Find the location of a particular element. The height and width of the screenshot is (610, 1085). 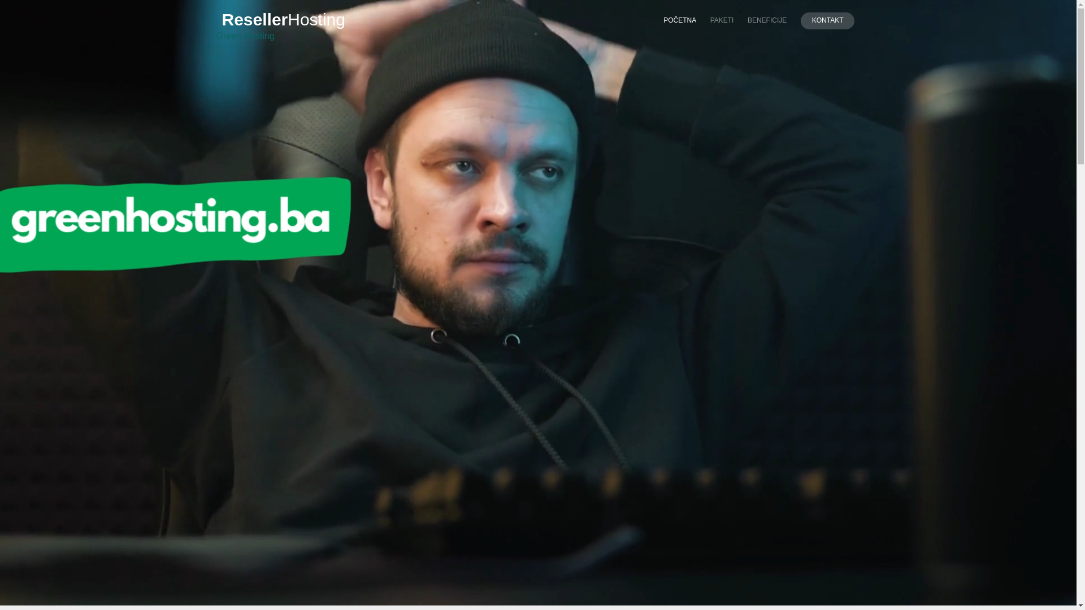

'Green Hosting' is located at coordinates (244, 35).